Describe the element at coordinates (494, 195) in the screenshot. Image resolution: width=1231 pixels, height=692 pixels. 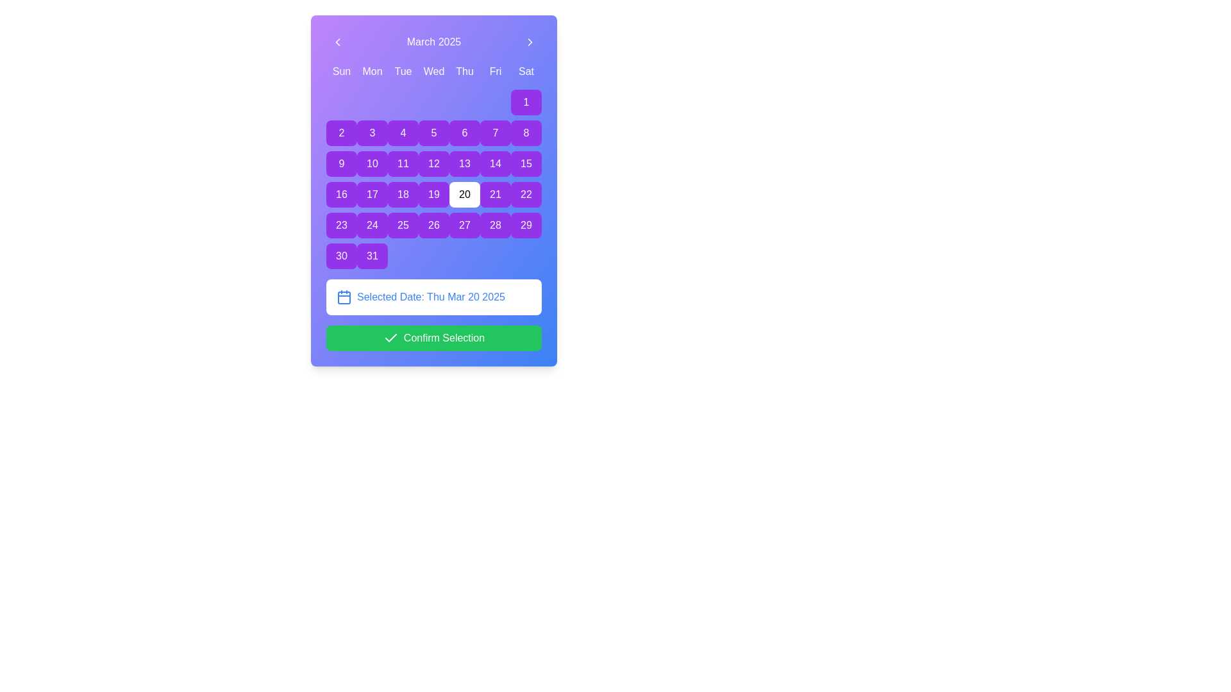
I see `the button representing the date '21' in the calendar interface` at that location.